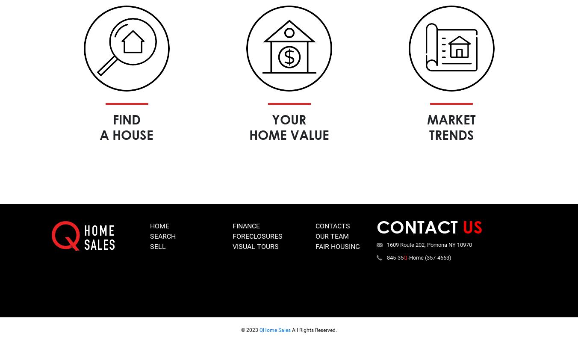 This screenshot has height=343, width=578. What do you see at coordinates (332, 236) in the screenshot?
I see `'Our Team'` at bounding box center [332, 236].